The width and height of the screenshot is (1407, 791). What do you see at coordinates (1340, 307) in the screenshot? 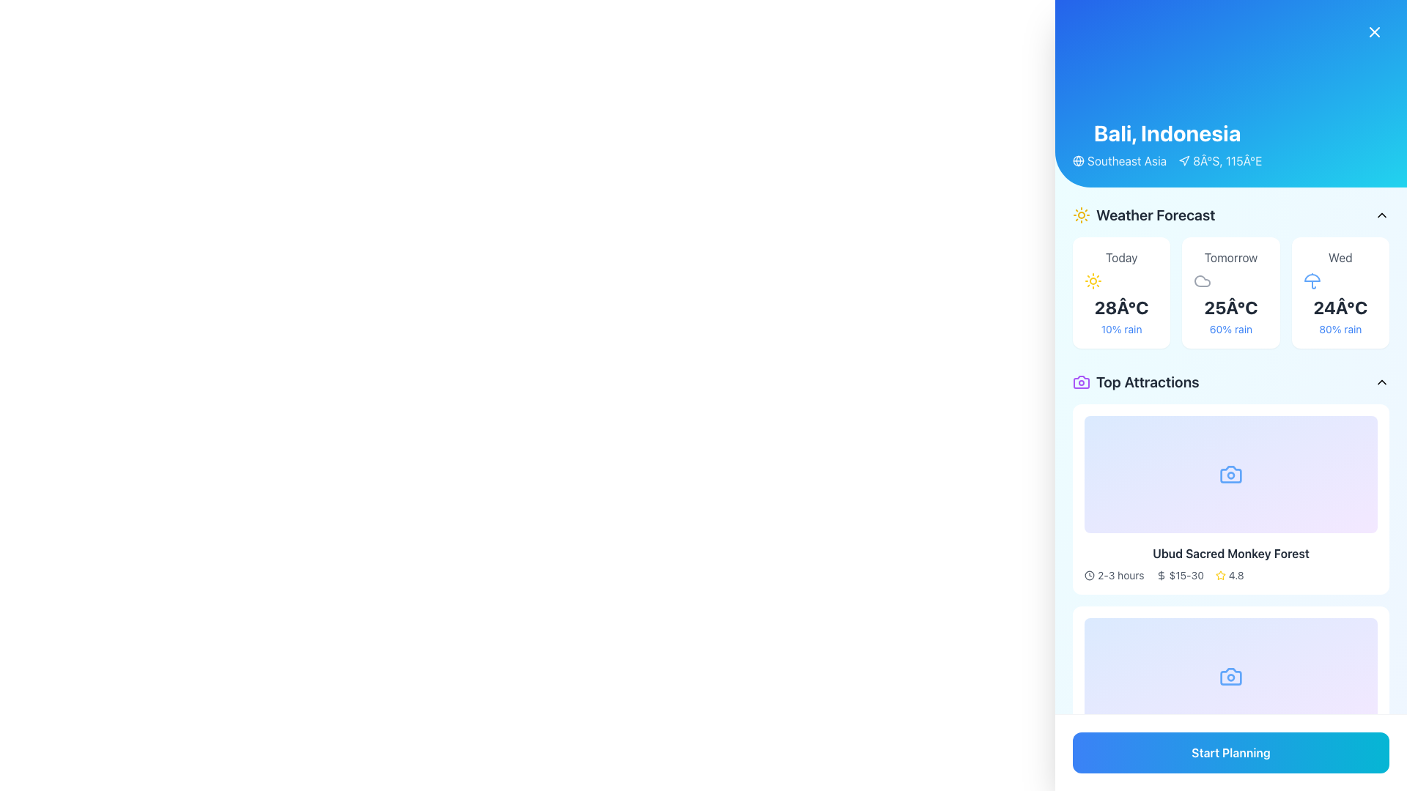
I see `temperature information displayed for 'Wednesday' in the weather forecast section, which shows '24Â°C' in the third card titled 'Wed.'` at bounding box center [1340, 307].